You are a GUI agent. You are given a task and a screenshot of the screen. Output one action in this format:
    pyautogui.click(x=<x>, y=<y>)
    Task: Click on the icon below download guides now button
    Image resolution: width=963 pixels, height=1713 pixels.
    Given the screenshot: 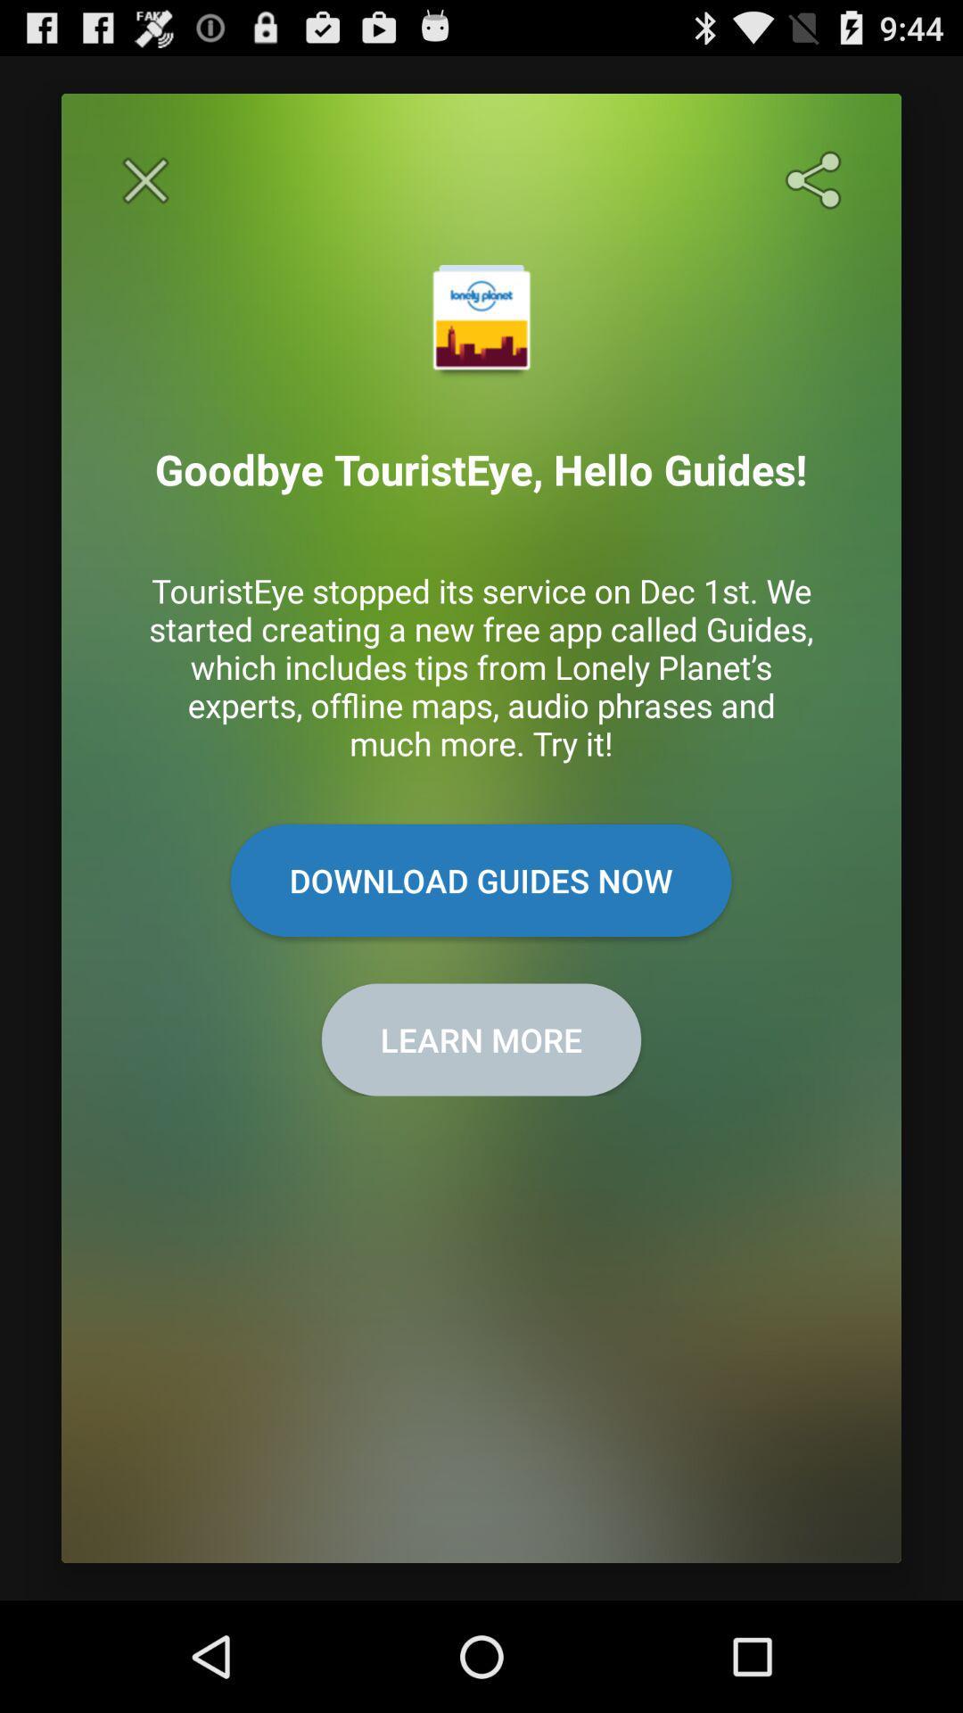 What is the action you would take?
    pyautogui.click(x=481, y=1039)
    